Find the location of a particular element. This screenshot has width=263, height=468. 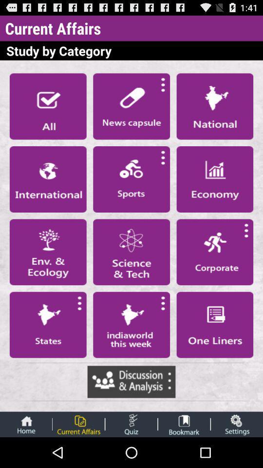

open new category is located at coordinates (215, 178).